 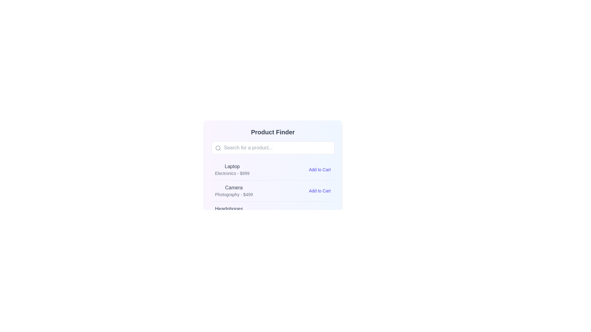 What do you see at coordinates (218, 148) in the screenshot?
I see `the decorative circle element that is part of the search icon, enhancing the recognition of the search functionality` at bounding box center [218, 148].